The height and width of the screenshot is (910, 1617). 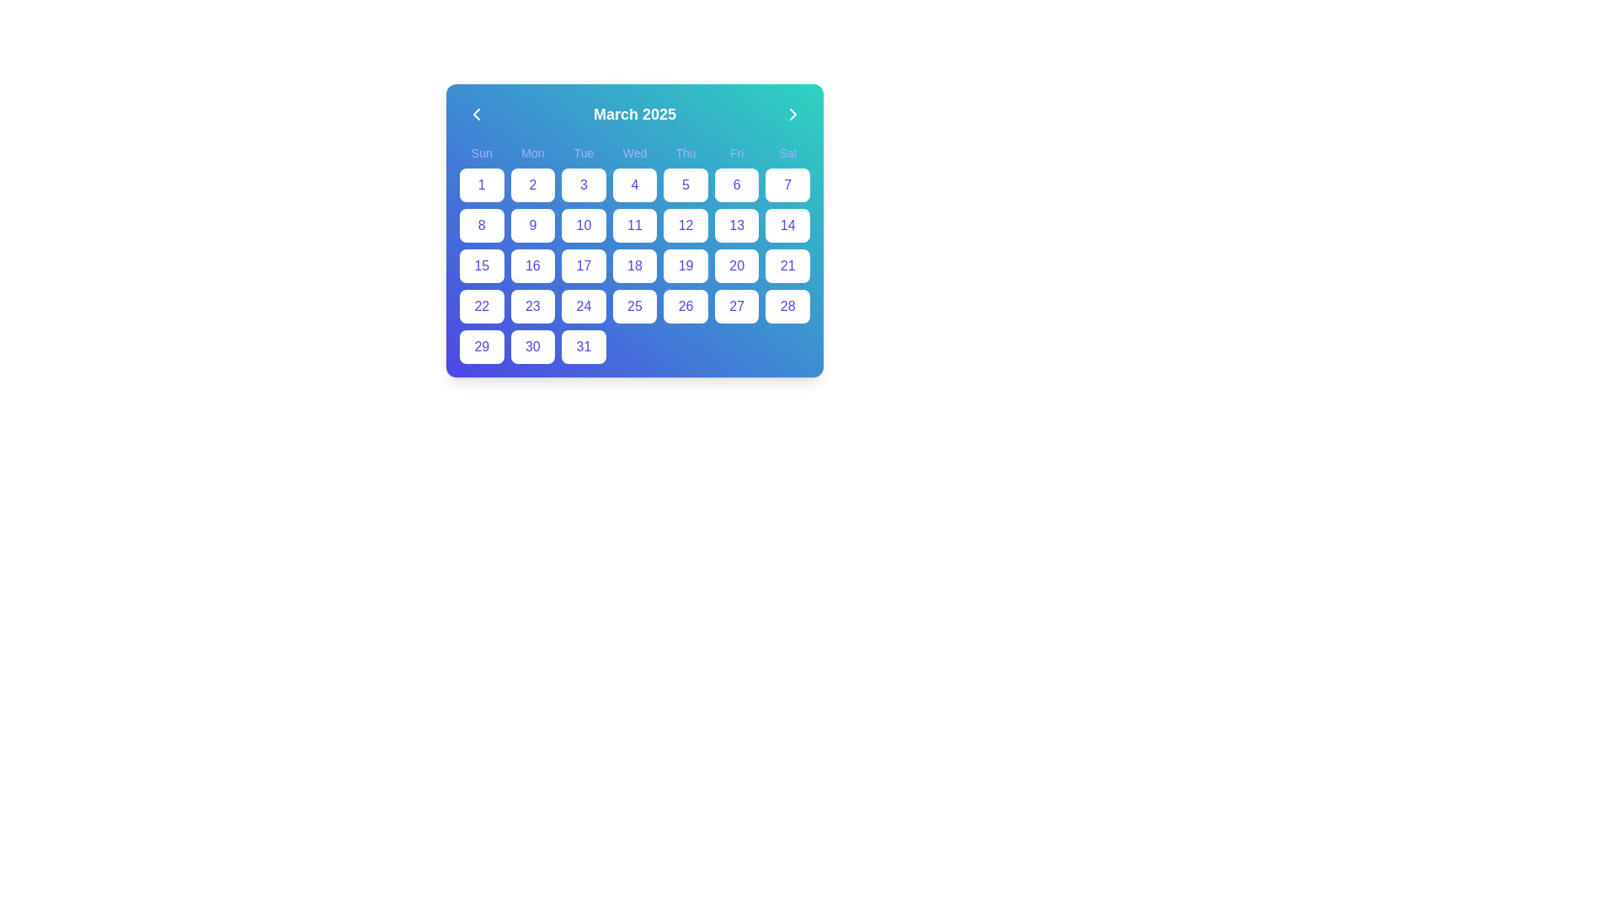 I want to click on the square button displaying the number '9' in the calendar grid, located in the second row under 'Mon', so click(x=531, y=224).